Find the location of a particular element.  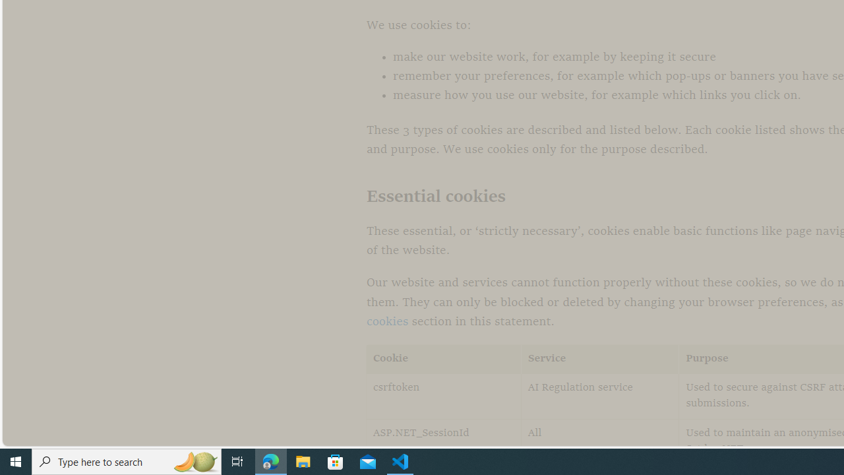

'Cookie' is located at coordinates (444, 359).